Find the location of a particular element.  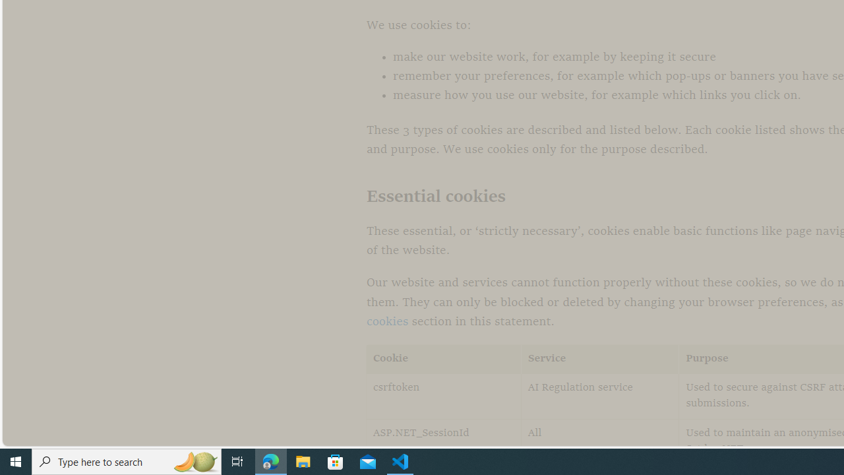

'Cookie' is located at coordinates (444, 359).